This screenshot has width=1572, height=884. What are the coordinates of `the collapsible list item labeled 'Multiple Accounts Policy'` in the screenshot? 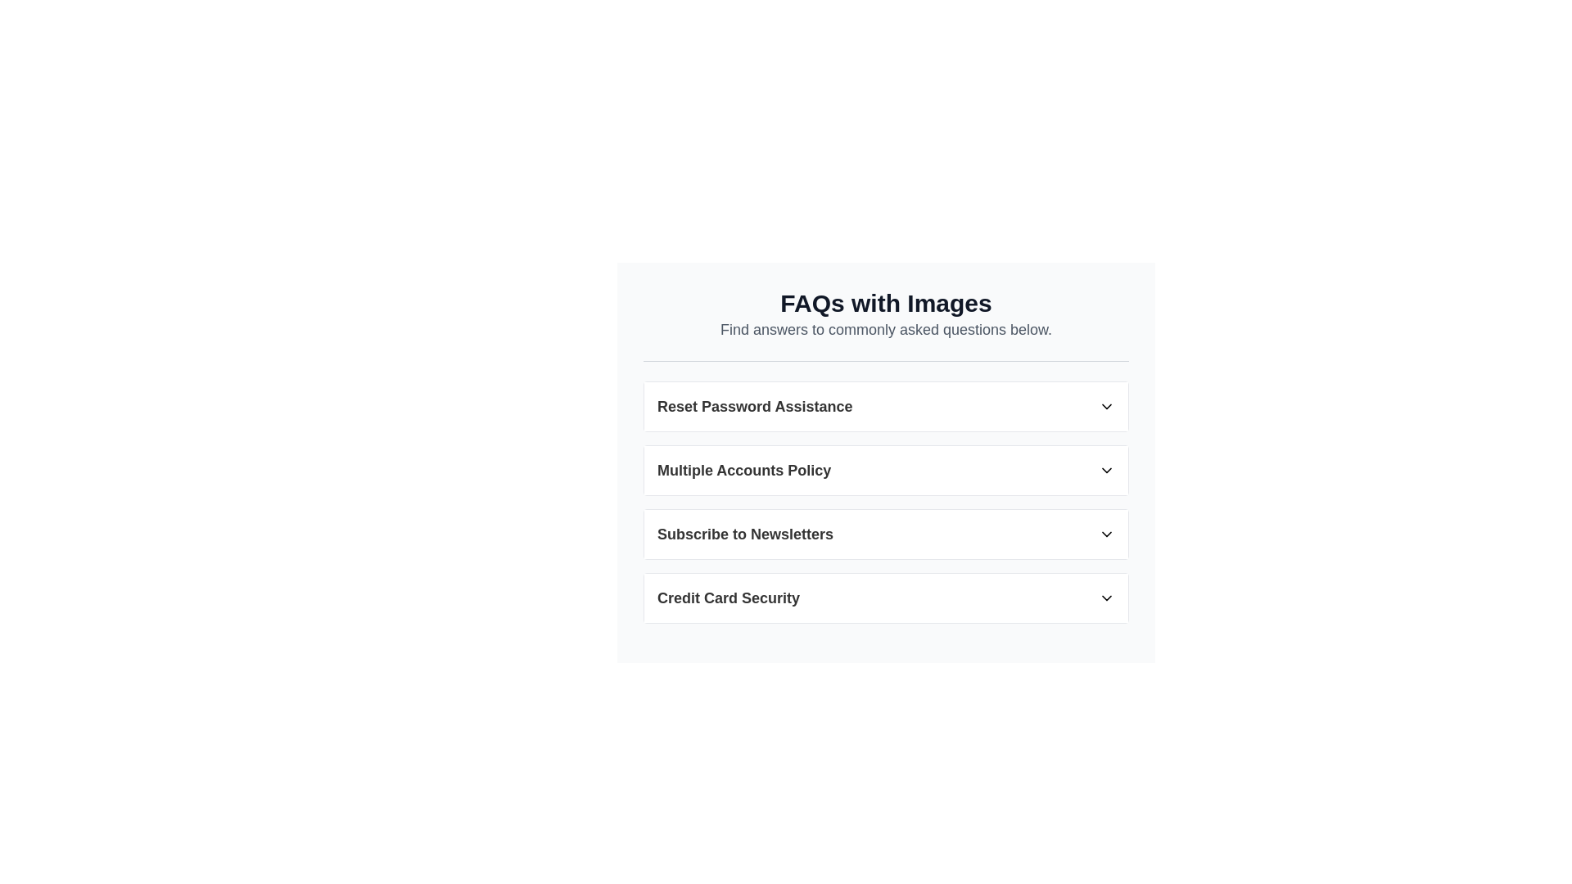 It's located at (885, 456).